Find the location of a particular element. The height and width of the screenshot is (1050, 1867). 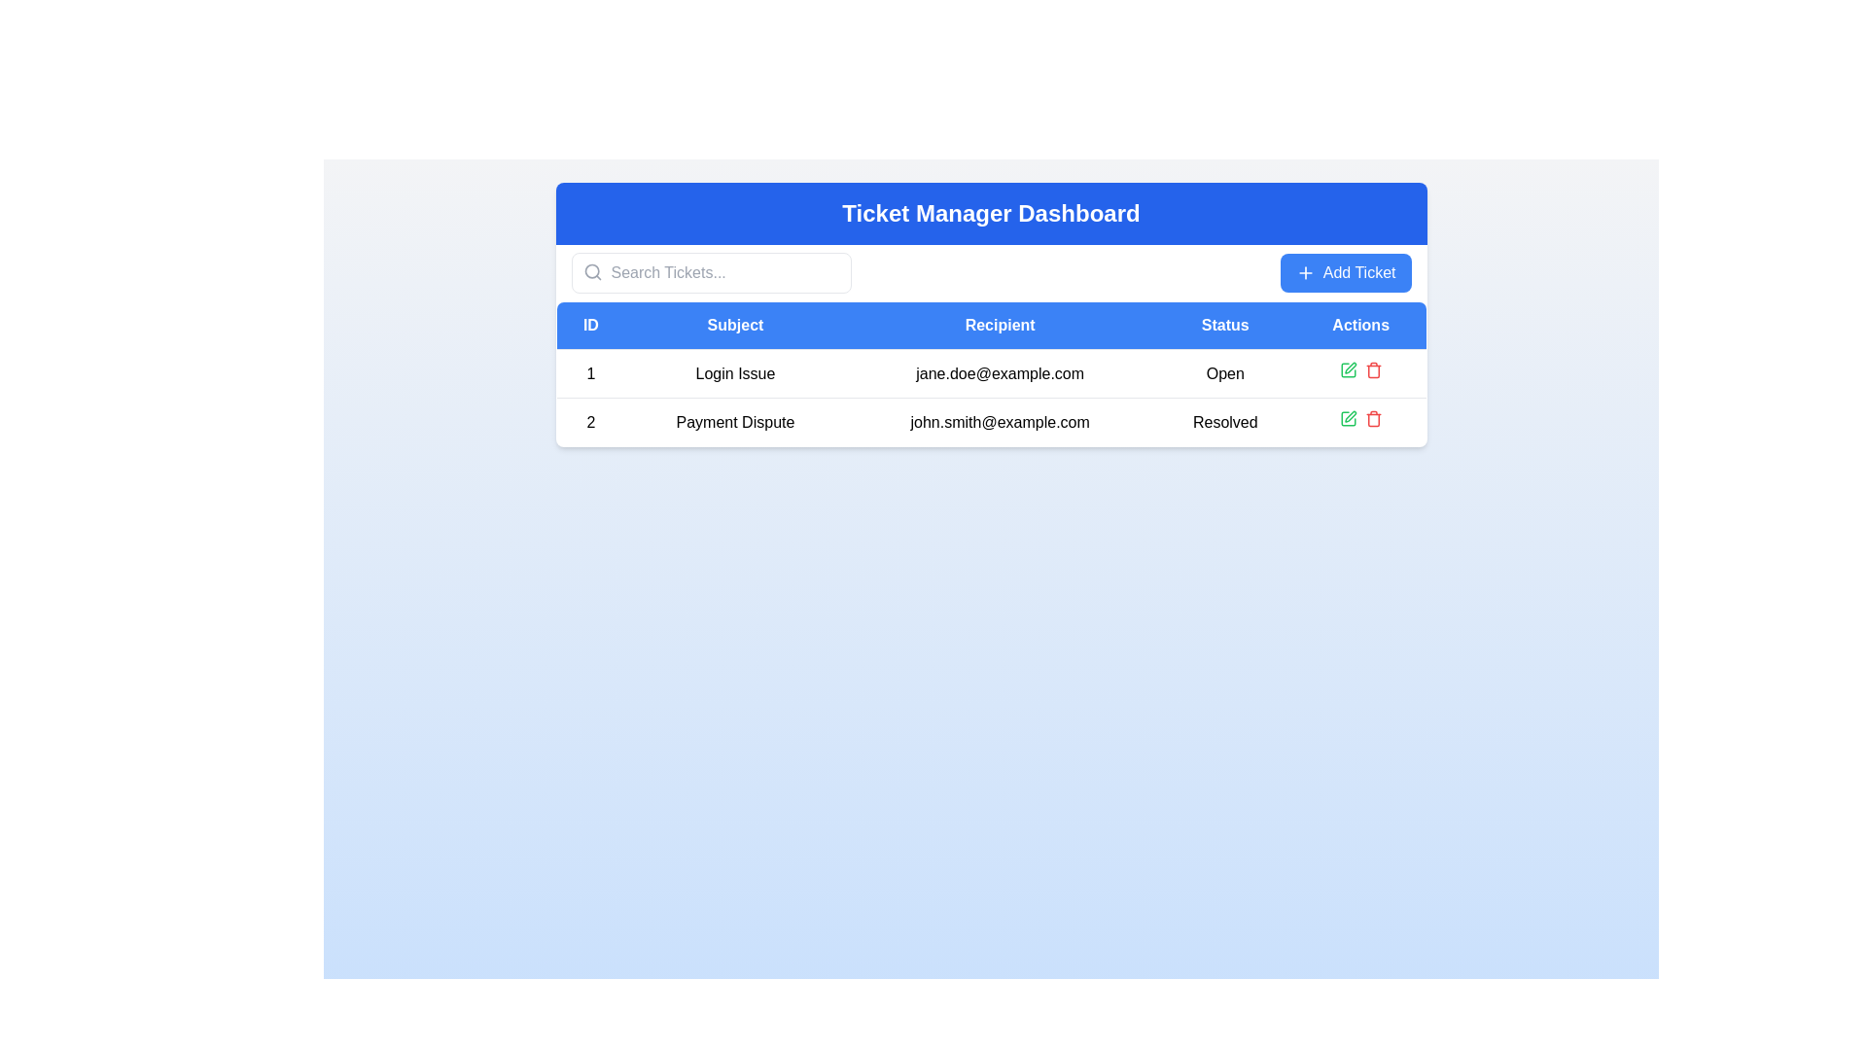

the header text or label in the table that provides context for recipient information, located as the third column header between 'Subject' and 'Status' is located at coordinates (1000, 325).